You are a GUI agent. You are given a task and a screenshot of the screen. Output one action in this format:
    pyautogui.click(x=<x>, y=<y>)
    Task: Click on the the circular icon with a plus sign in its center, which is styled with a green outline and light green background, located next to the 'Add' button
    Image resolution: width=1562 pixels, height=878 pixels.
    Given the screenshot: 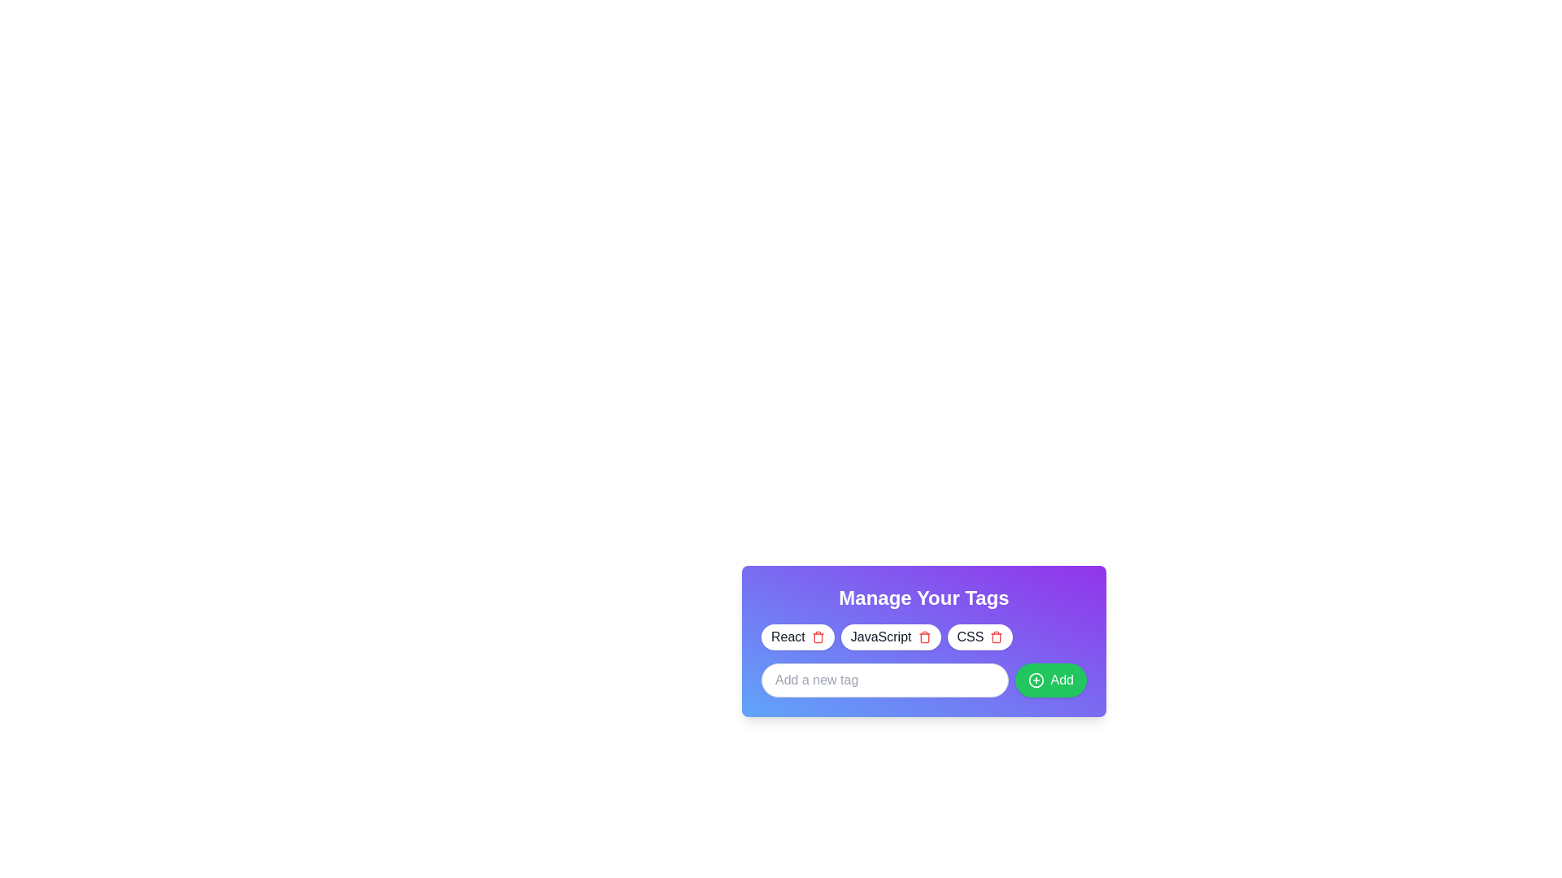 What is the action you would take?
    pyautogui.click(x=1035, y=680)
    